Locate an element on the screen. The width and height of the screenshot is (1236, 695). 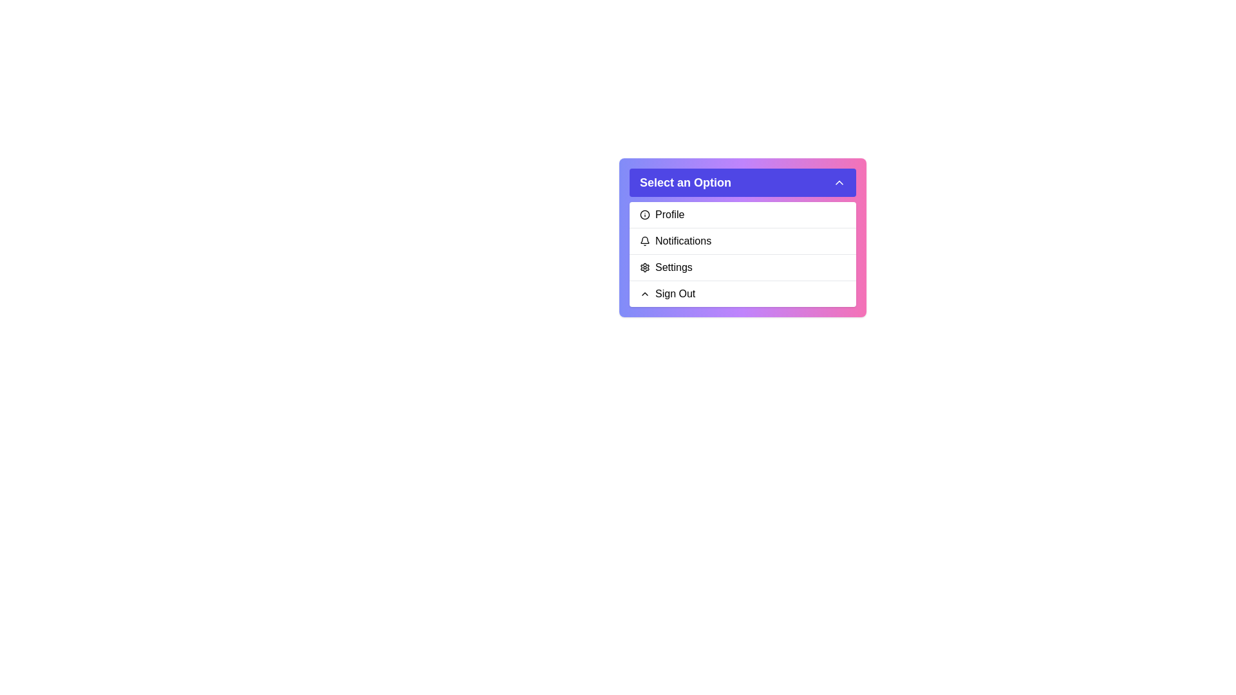
the icon next to the option Settings in the dropdown menu is located at coordinates (645, 267).